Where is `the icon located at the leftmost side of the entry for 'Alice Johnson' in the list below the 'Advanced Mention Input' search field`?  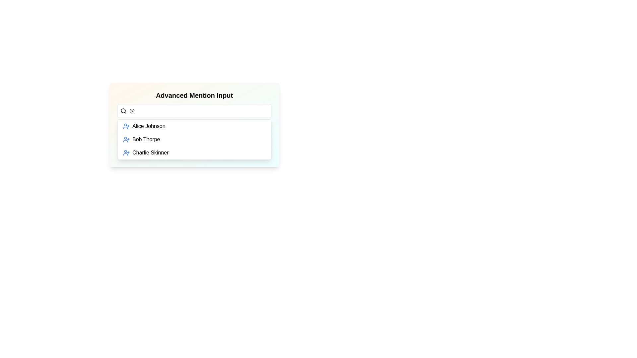 the icon located at the leftmost side of the entry for 'Alice Johnson' in the list below the 'Advanced Mention Input' search field is located at coordinates (126, 126).